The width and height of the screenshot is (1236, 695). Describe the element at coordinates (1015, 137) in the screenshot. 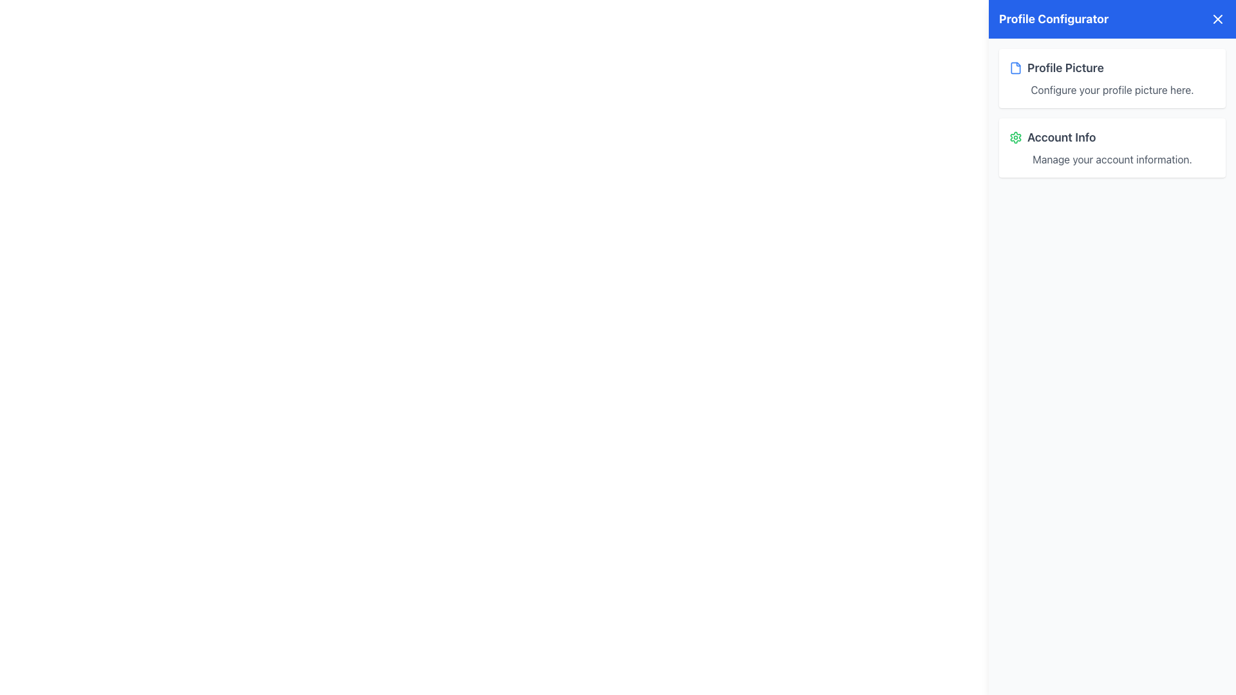

I see `the settings icon located in the 'Account Info' panel of the 'Profile Configurator' interface to use it as a reference for navigation` at that location.